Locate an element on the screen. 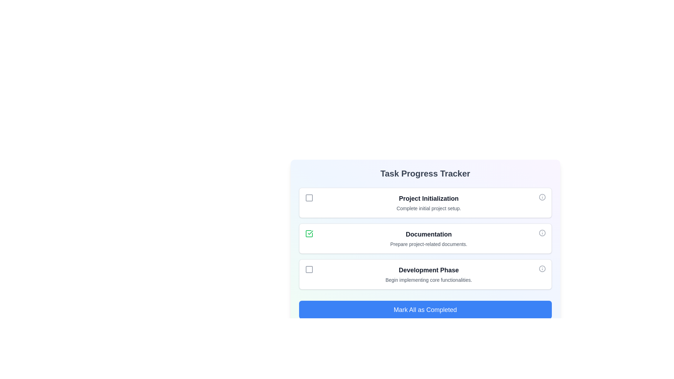  the title label for the task stage within the tracker, which is horizontally centered in the third task group of the list is located at coordinates (428, 270).